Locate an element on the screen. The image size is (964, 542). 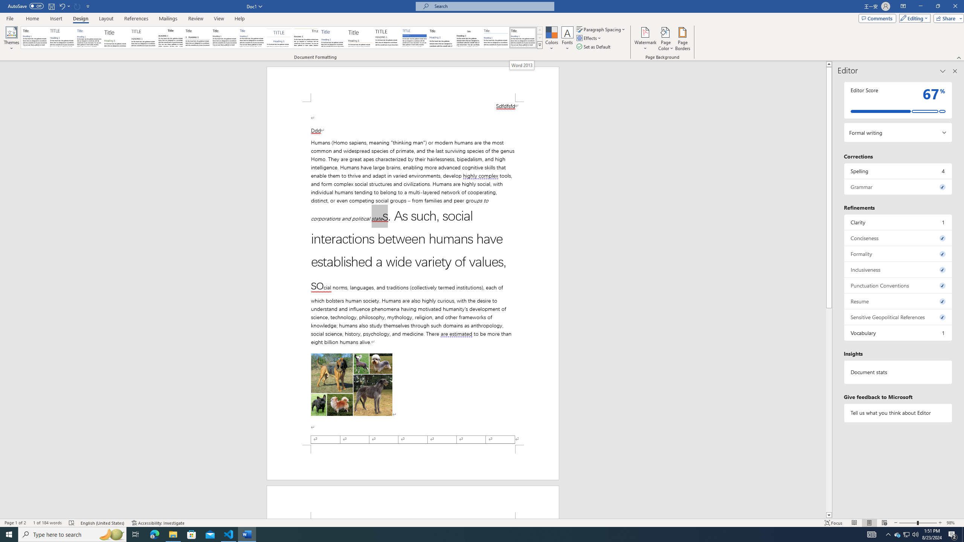
'Language English (United States)' is located at coordinates (102, 523).